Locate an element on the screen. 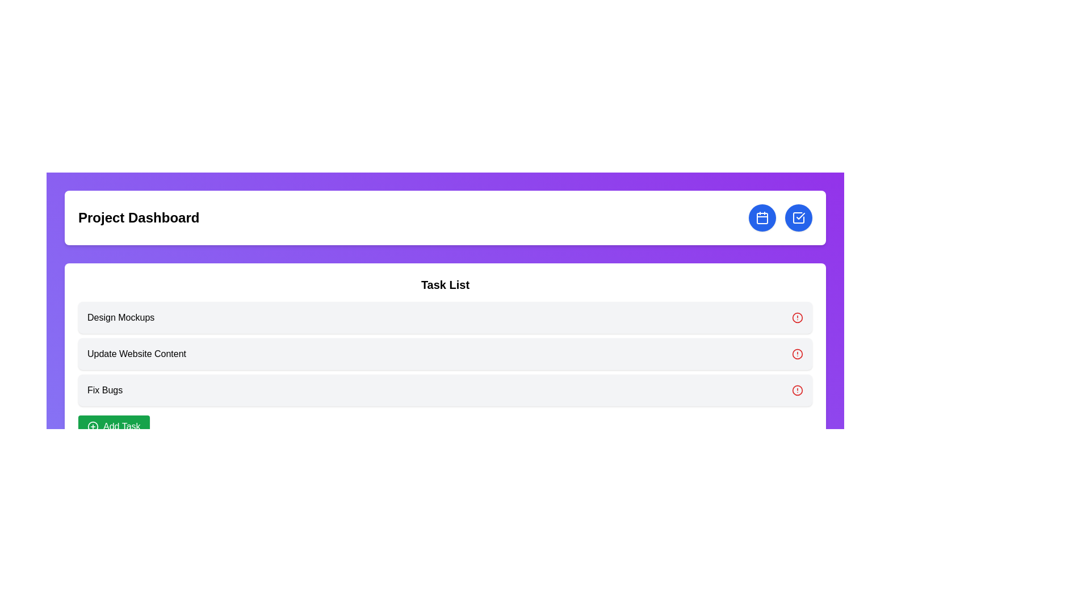  the checkmark line icon in the SVG graphic located in the top right corner of the interface is located at coordinates (800, 216).